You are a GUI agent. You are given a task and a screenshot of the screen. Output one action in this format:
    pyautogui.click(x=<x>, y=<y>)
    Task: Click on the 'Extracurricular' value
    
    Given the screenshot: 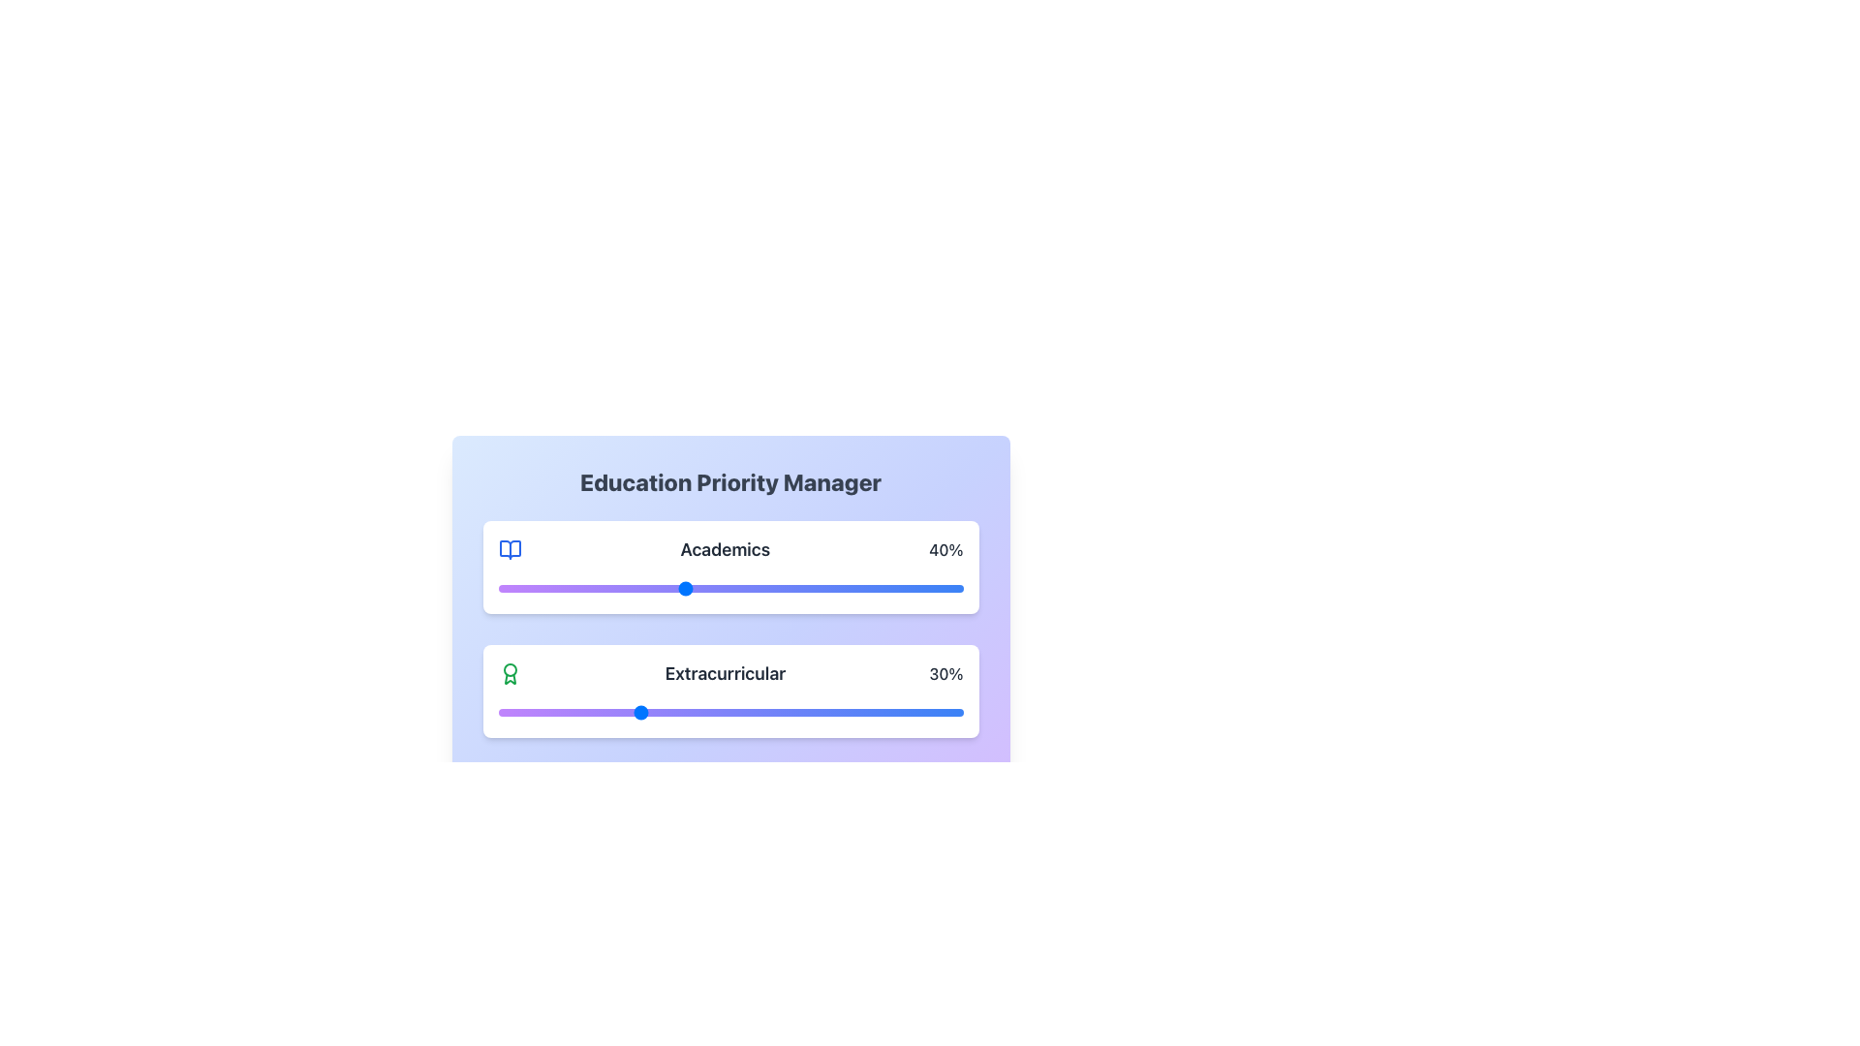 What is the action you would take?
    pyautogui.click(x=852, y=713)
    